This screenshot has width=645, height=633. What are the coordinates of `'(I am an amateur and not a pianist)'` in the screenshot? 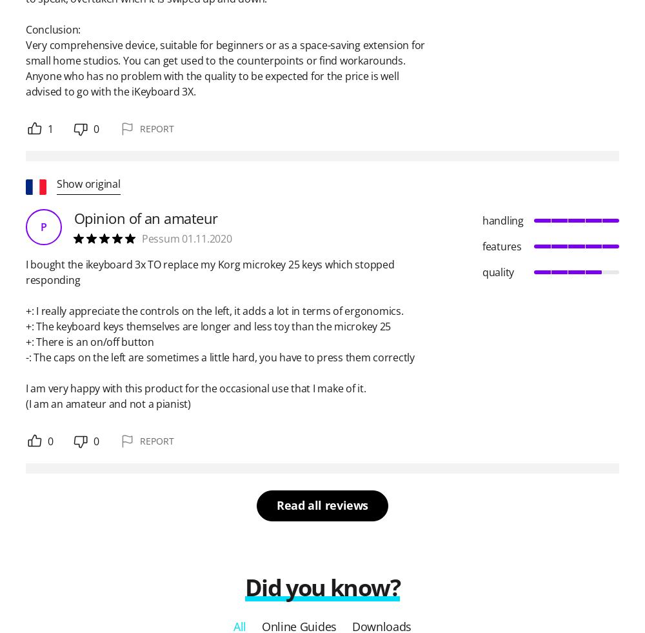 It's located at (108, 403).